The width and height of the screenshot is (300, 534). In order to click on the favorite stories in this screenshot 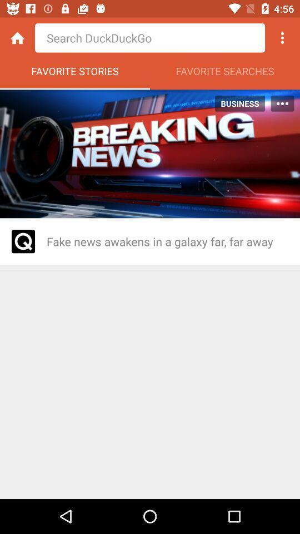, I will do `click(75, 73)`.